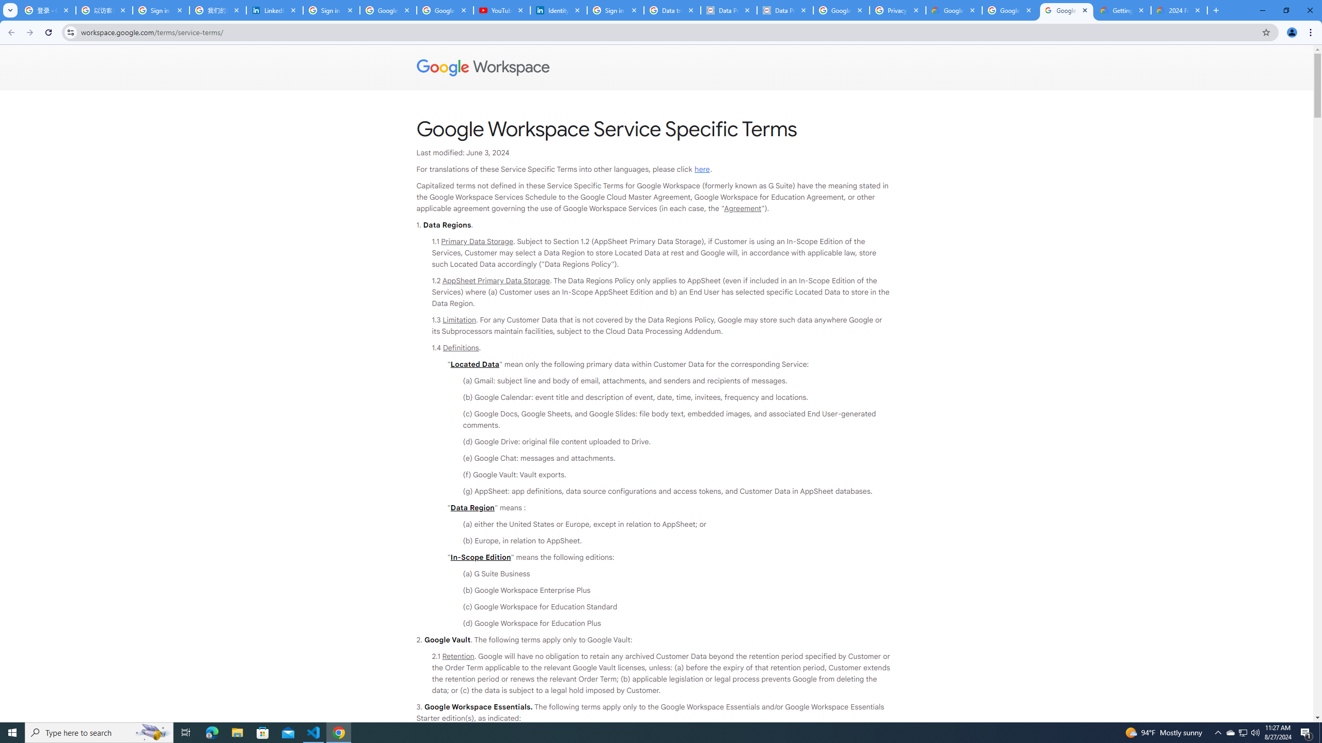 This screenshot has height=743, width=1322. I want to click on 'Sign in - Google Accounts', so click(615, 10).